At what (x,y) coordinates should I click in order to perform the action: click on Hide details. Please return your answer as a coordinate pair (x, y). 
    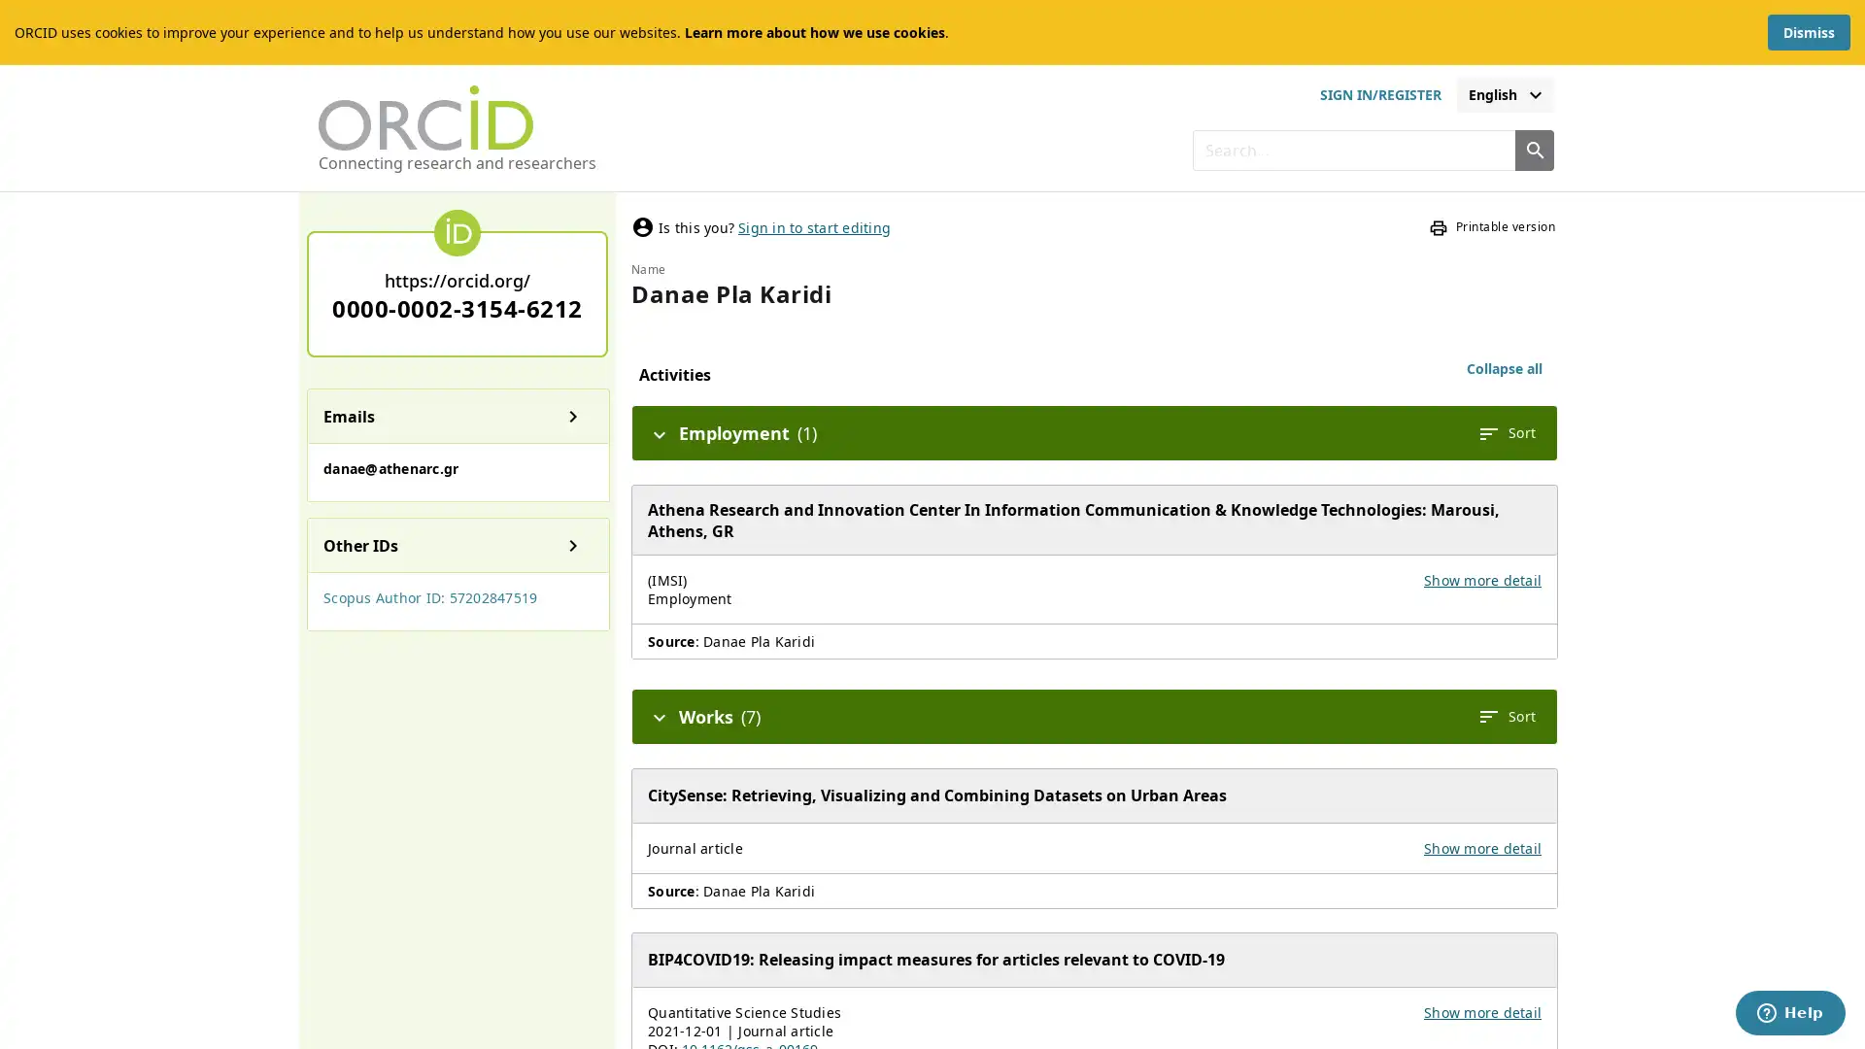
    Looking at the image, I should click on (659, 715).